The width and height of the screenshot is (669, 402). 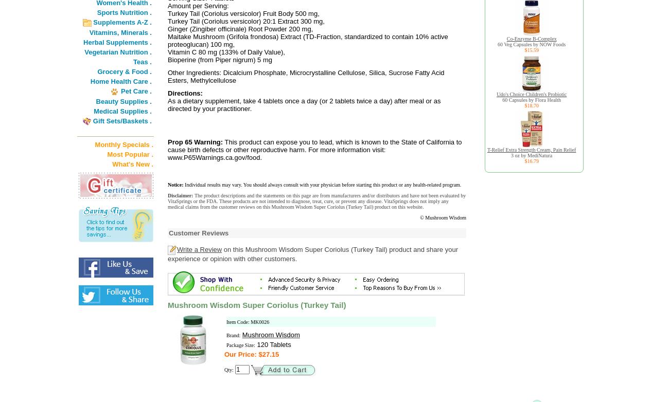 I want to click on '$18.70', so click(x=531, y=105).